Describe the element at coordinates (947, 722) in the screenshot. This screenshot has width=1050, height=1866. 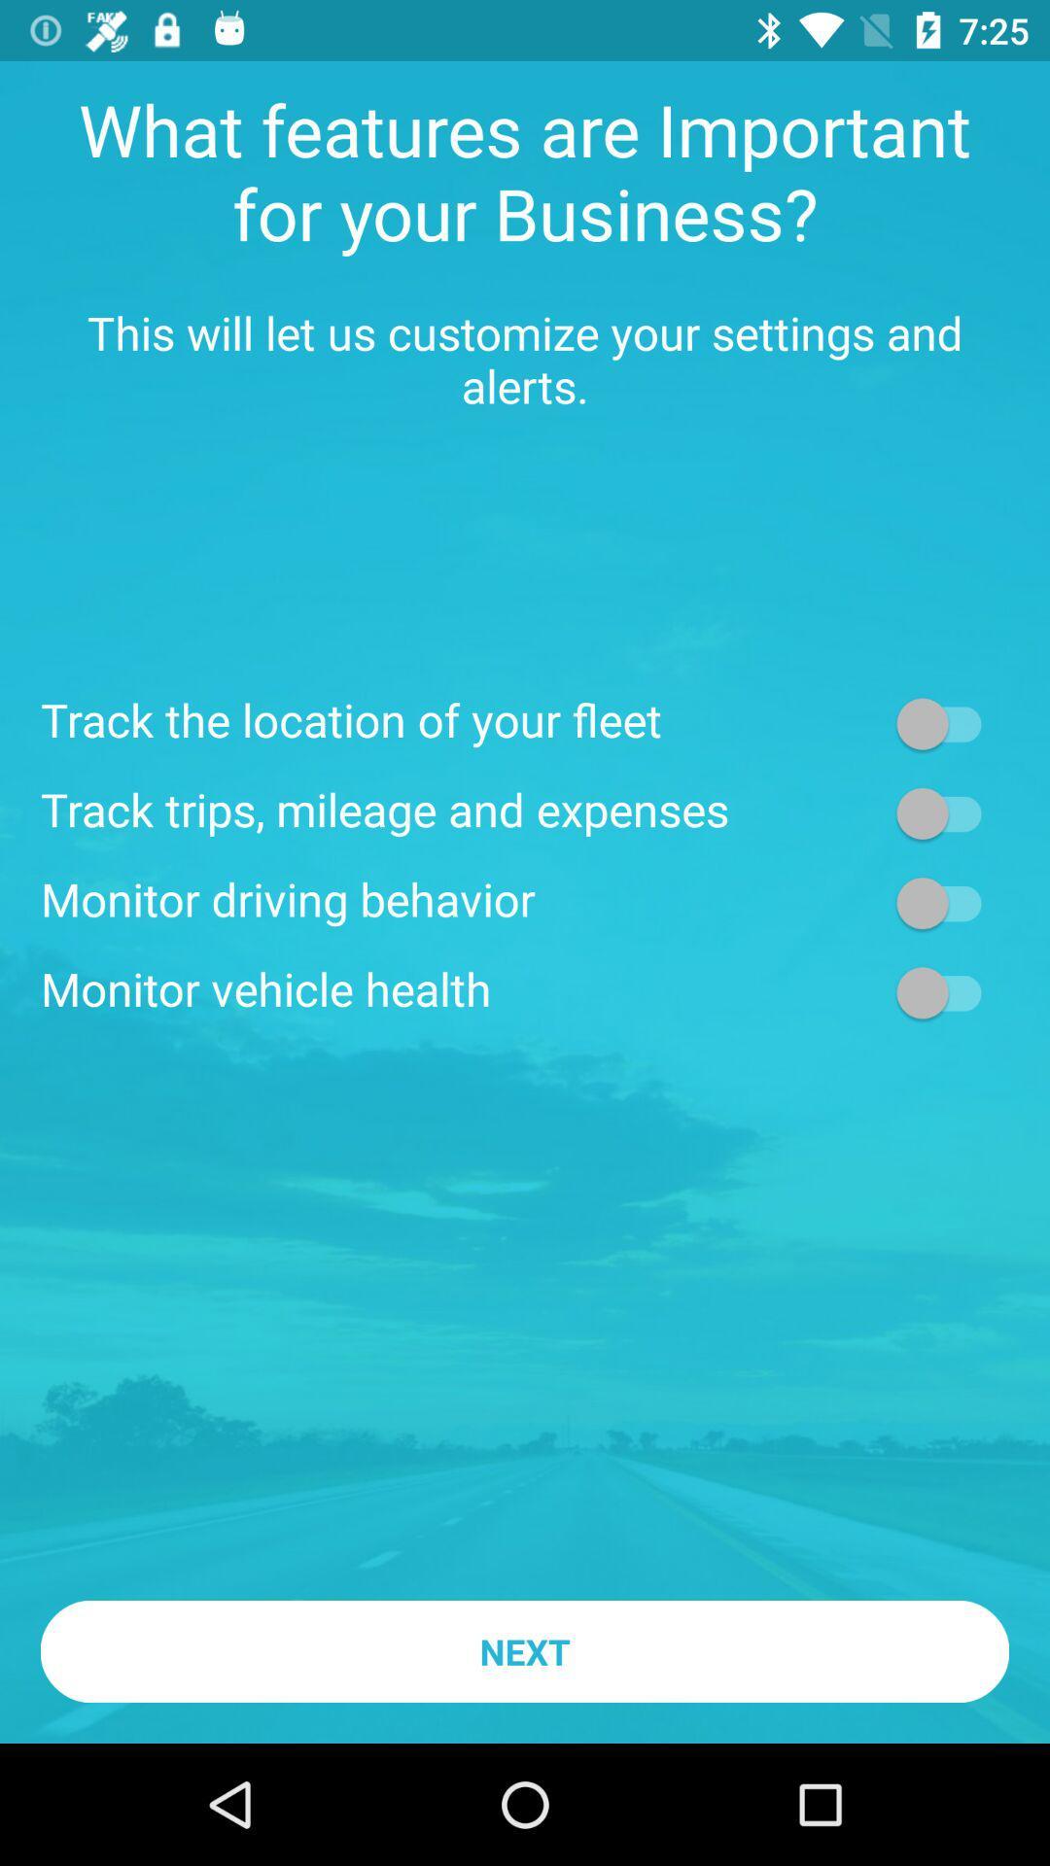
I see `track location control button` at that location.